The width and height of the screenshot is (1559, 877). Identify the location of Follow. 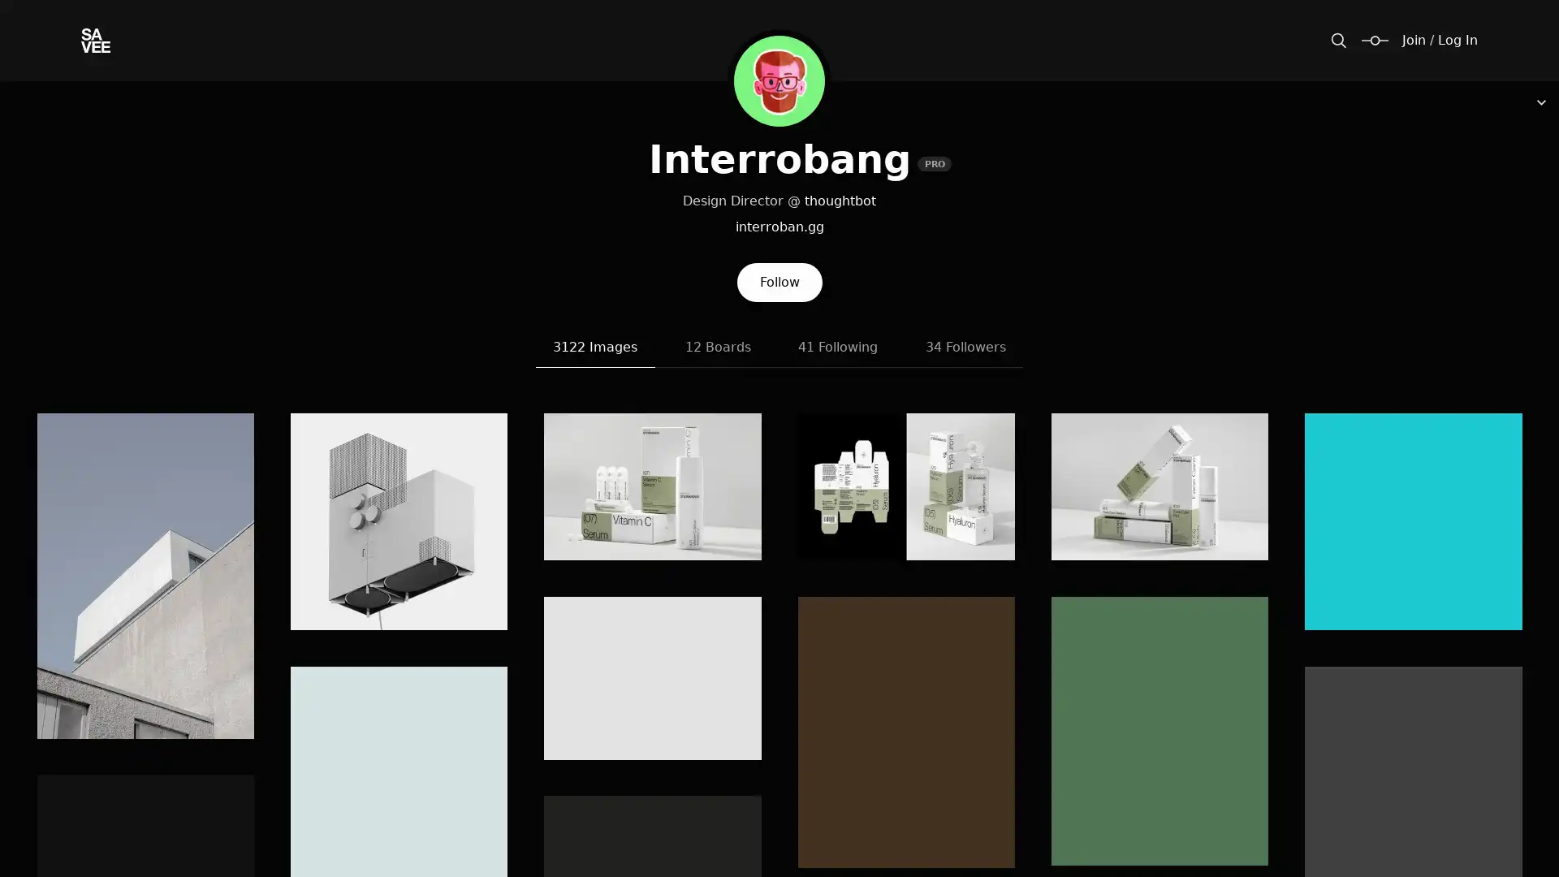
(778, 281).